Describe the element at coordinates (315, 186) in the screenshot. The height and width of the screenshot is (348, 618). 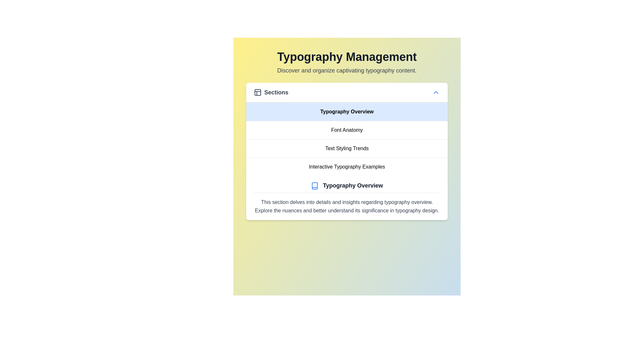
I see `the blue book icon SVG element located inline before the text 'Typography Overview'` at that location.